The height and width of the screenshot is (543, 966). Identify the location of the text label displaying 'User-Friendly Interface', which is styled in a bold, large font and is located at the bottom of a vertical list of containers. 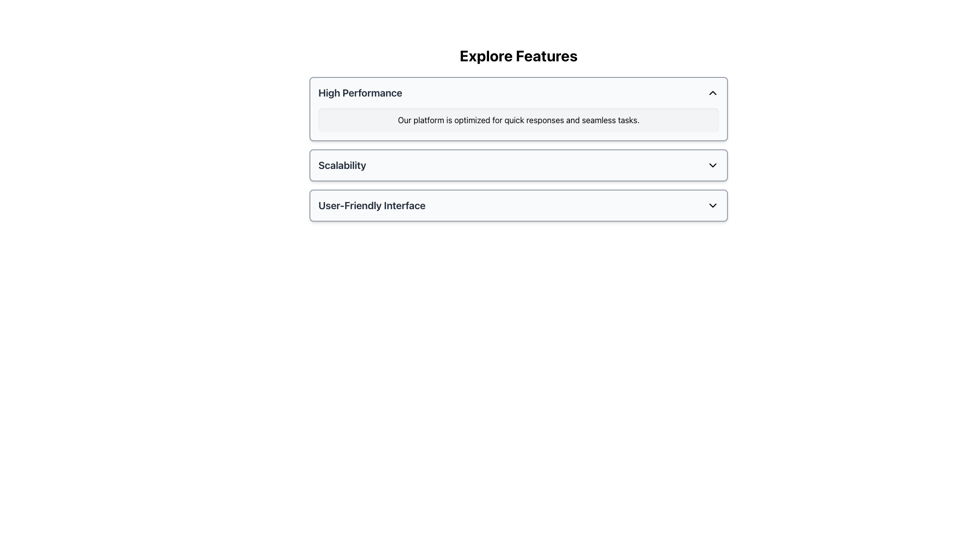
(371, 205).